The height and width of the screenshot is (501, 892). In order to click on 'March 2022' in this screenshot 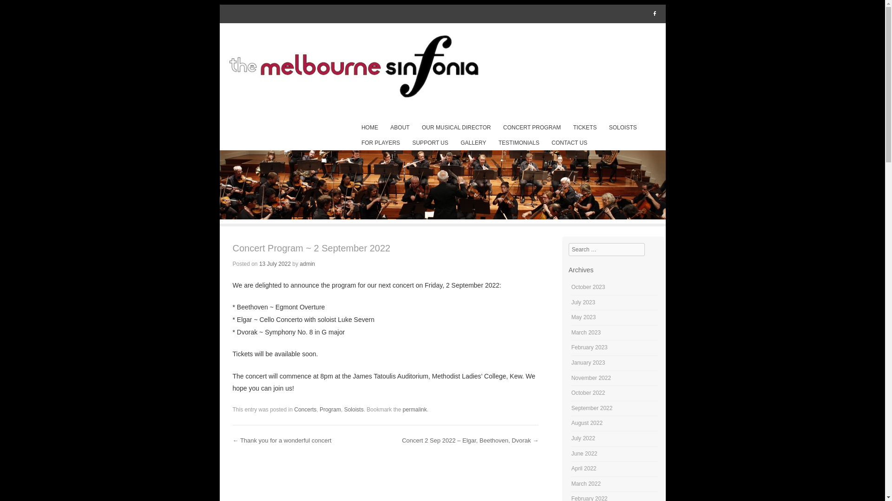, I will do `click(585, 483)`.